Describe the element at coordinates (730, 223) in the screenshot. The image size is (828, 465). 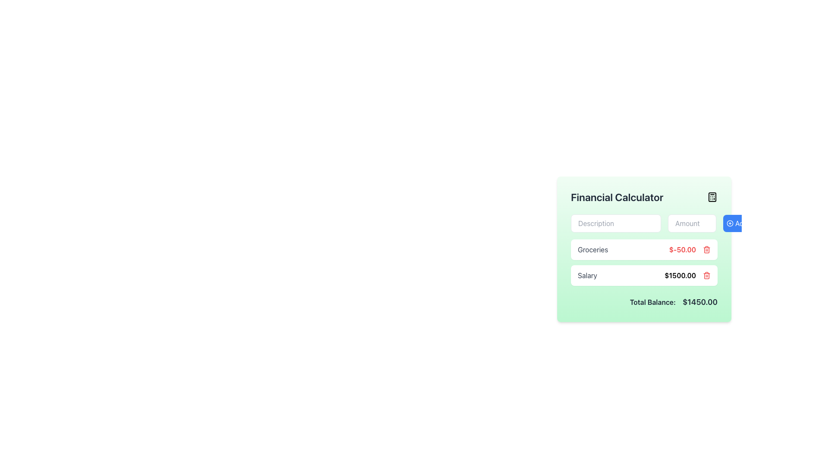
I see `the circular part of the 'circle plus' icon located adjacent to the blue 'Add' button in the financial calculator interface` at that location.